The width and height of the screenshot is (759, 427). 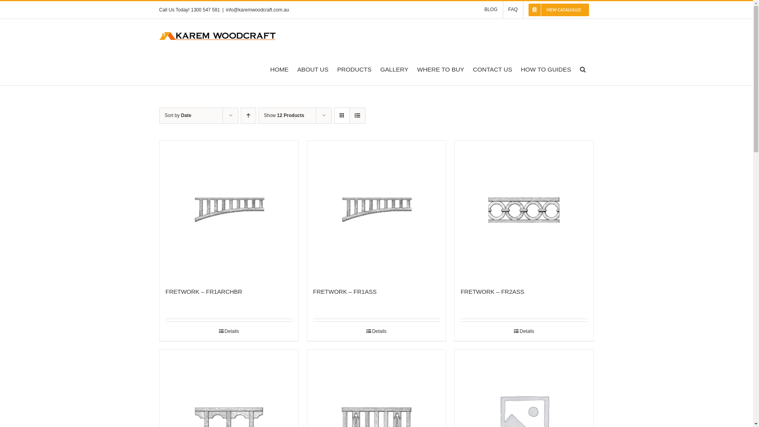 I want to click on 'ABOUT US', so click(x=312, y=68).